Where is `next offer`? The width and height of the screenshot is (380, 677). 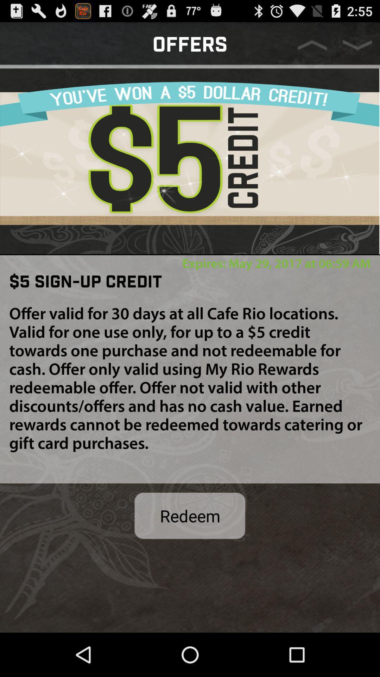
next offer is located at coordinates (357, 45).